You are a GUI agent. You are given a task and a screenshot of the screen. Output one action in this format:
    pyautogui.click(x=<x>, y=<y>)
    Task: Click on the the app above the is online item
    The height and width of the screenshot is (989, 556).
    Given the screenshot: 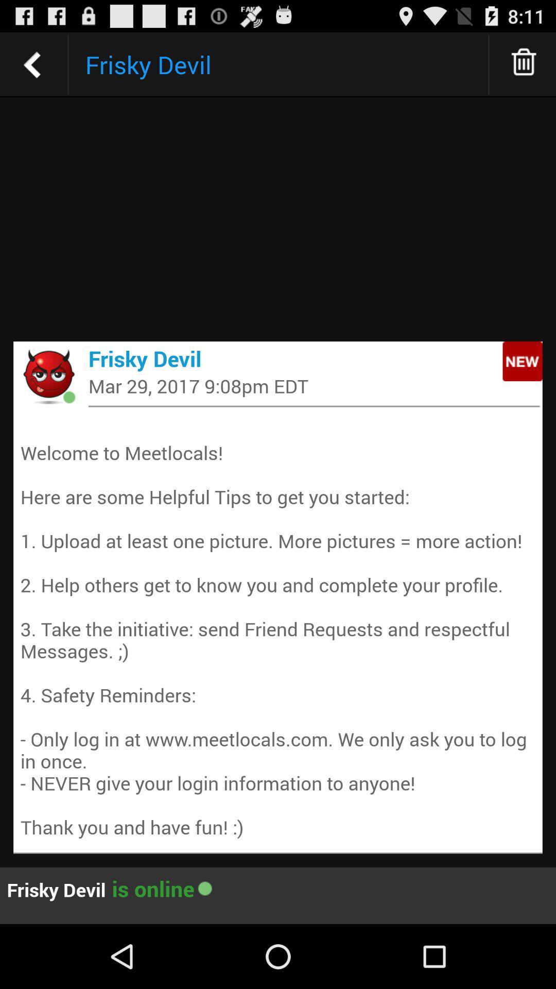 What is the action you would take?
    pyautogui.click(x=278, y=628)
    